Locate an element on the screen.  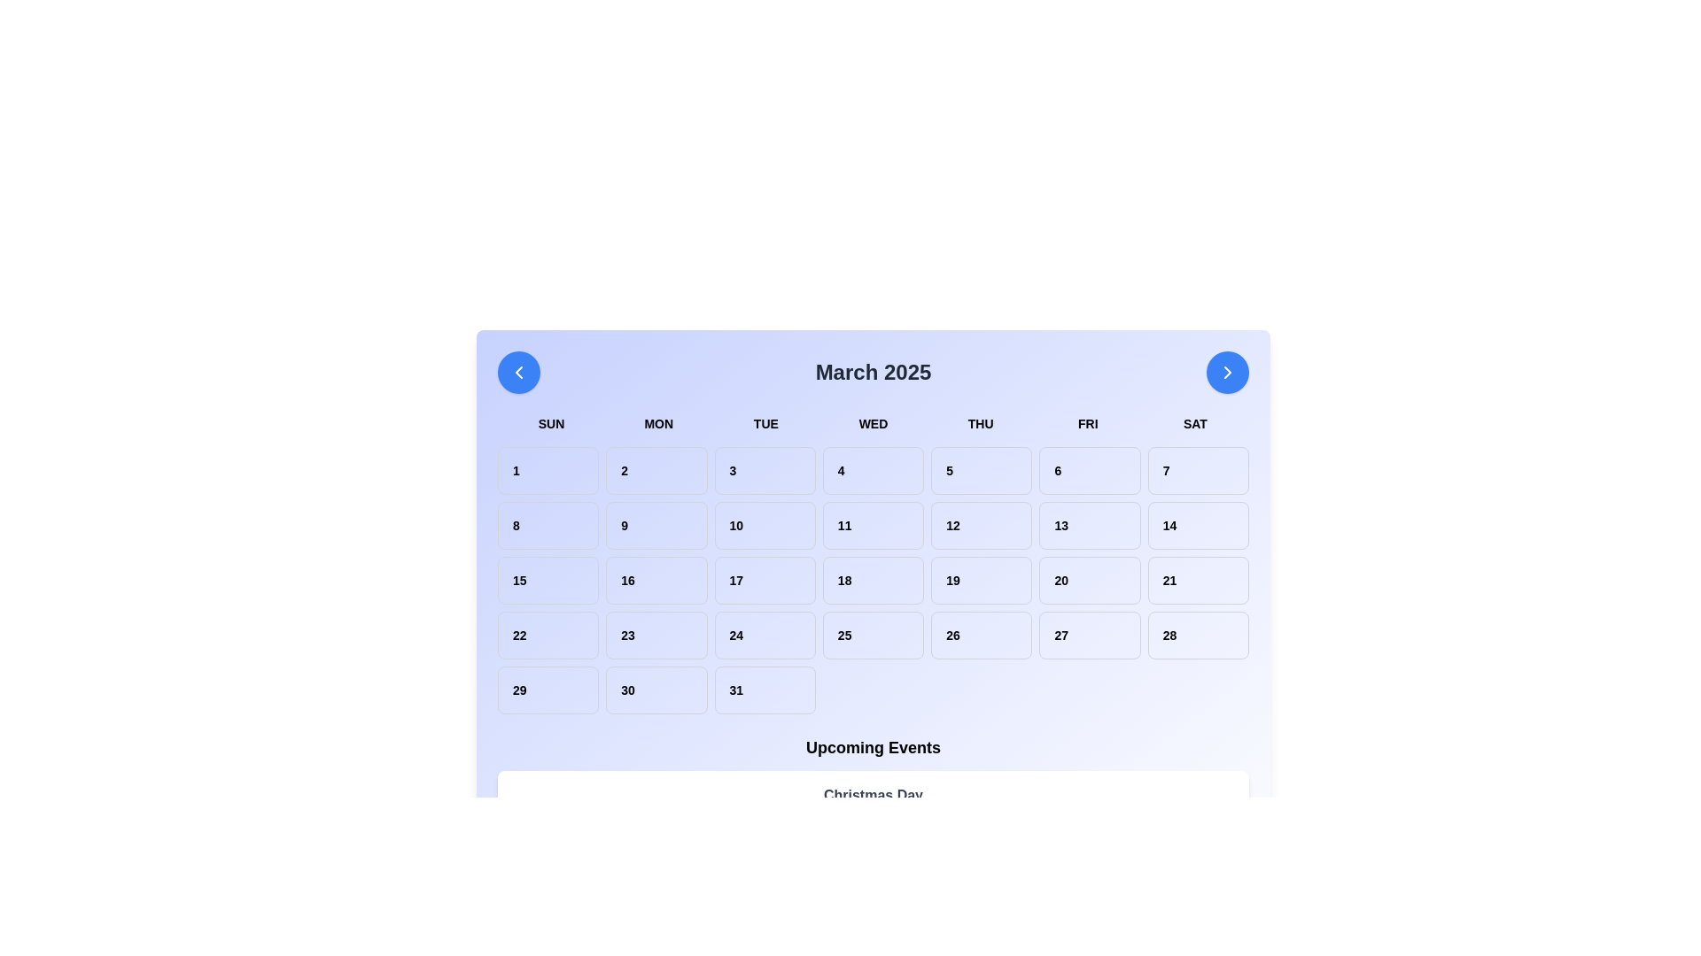
the button on the left side of the header section that allows users to navigate to the previous month in the calendar interface to activate its hover effect is located at coordinates (517, 371).